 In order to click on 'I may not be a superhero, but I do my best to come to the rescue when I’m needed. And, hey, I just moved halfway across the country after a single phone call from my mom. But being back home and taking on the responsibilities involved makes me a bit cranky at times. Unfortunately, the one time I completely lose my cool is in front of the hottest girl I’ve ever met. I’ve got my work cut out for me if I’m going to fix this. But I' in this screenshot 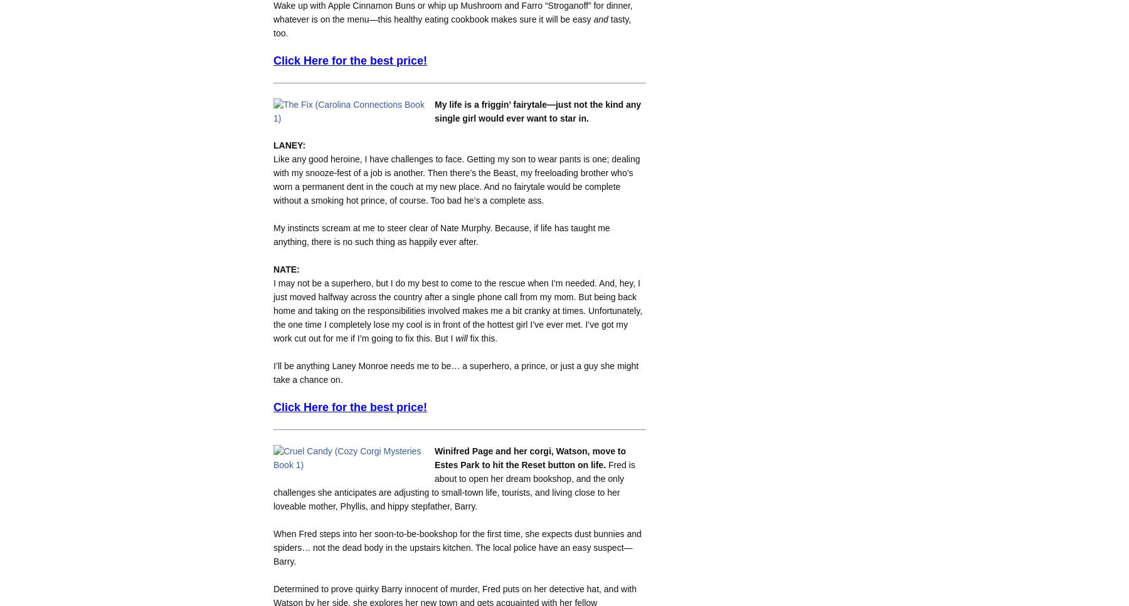, I will do `click(457, 310)`.